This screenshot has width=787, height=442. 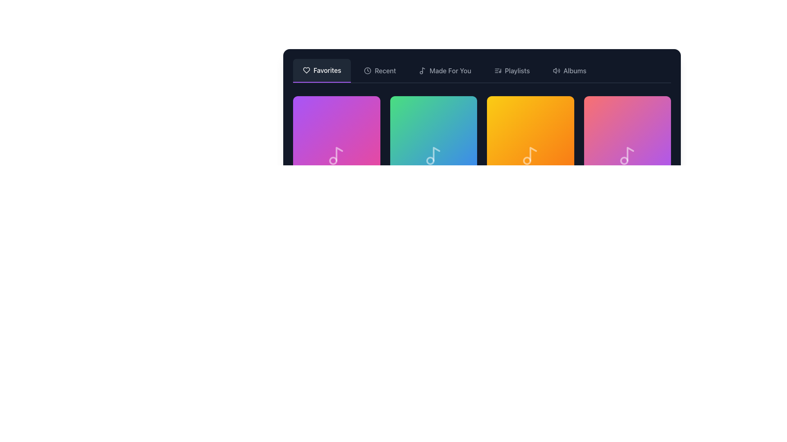 I want to click on the interactive selectable card with a gradient background transitioning from green to blue, featuring a music symbol icon in the center, so click(x=433, y=156).